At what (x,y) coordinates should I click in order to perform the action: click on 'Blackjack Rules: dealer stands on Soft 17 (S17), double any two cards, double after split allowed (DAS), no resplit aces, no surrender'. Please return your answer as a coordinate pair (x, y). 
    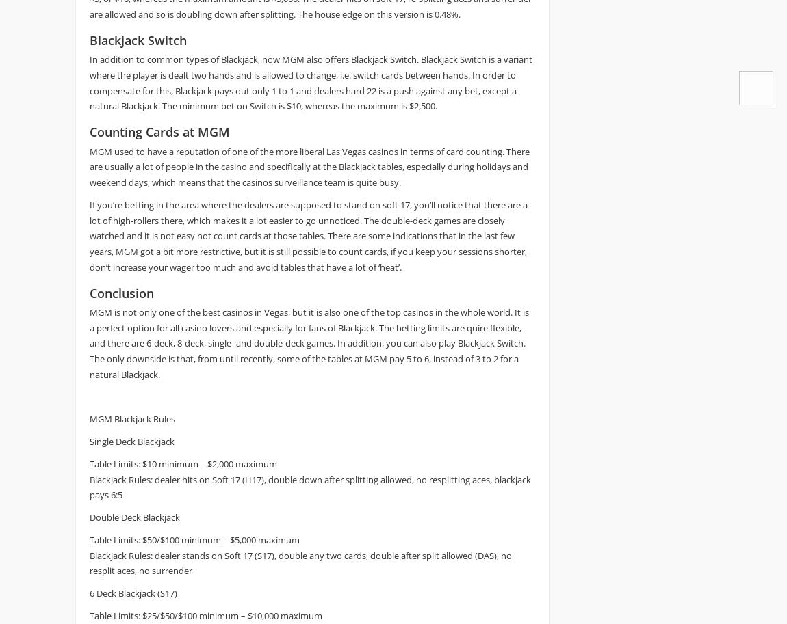
    Looking at the image, I should click on (300, 562).